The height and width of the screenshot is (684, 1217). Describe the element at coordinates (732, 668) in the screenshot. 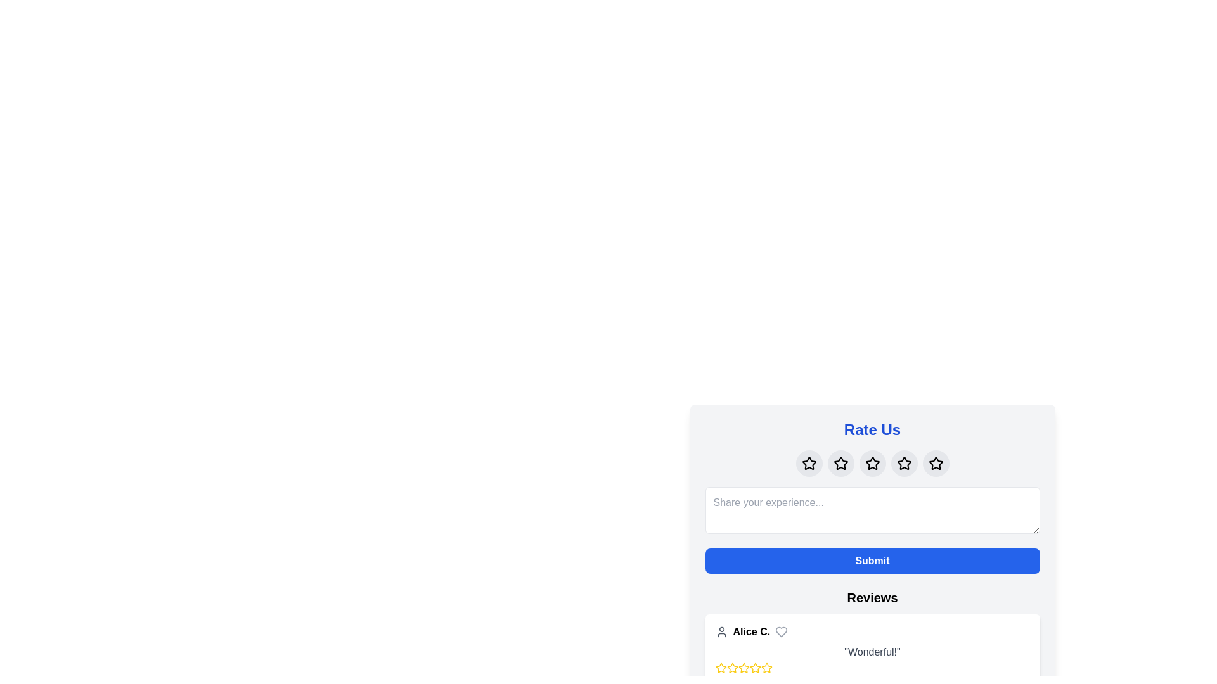

I see `the second star` at that location.